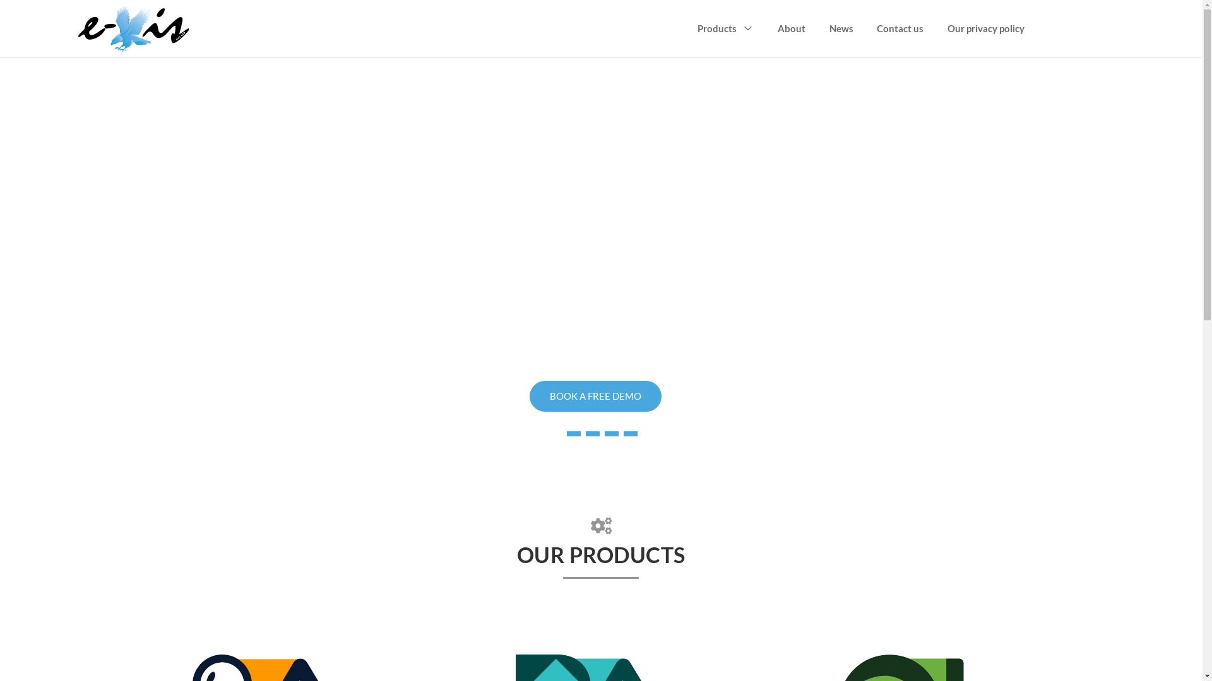 The height and width of the screenshot is (681, 1212). What do you see at coordinates (595, 395) in the screenshot?
I see `'BOOK A FREE DEMO'` at bounding box center [595, 395].